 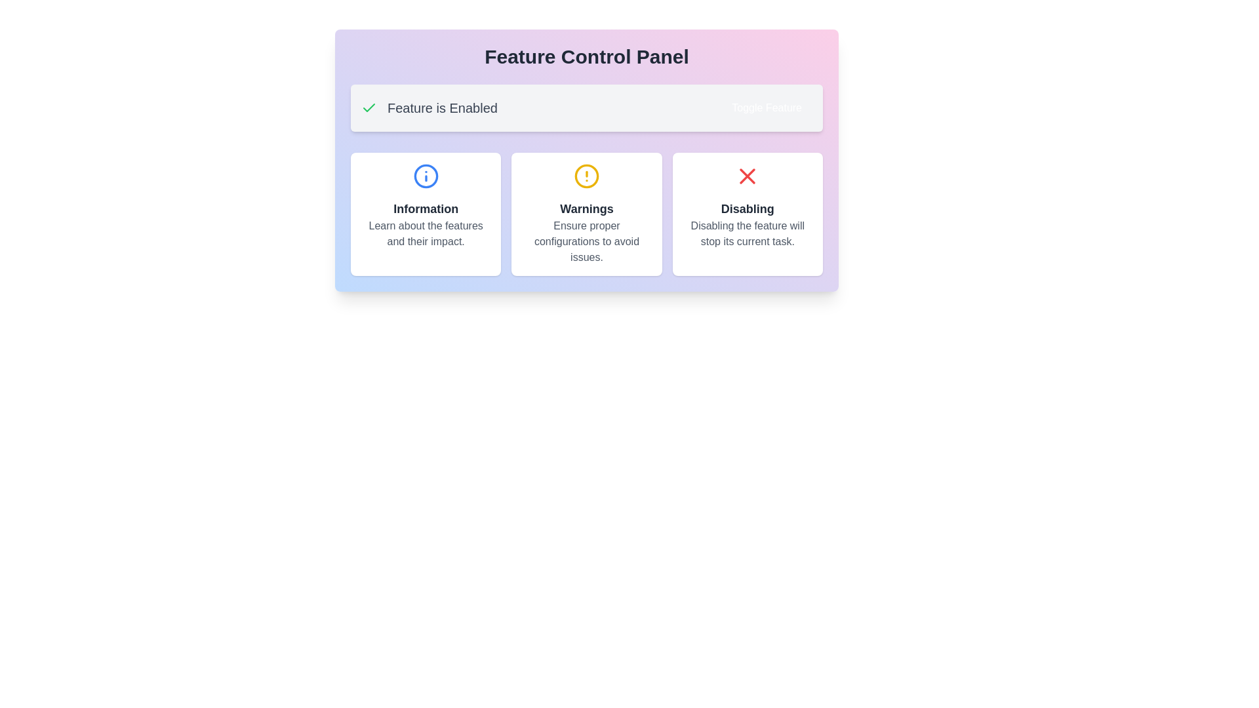 What do you see at coordinates (442, 108) in the screenshot?
I see `the static text label that indicates a feature is enabled, located to the right of the green checkmark icon in the Feature Control Panel` at bounding box center [442, 108].